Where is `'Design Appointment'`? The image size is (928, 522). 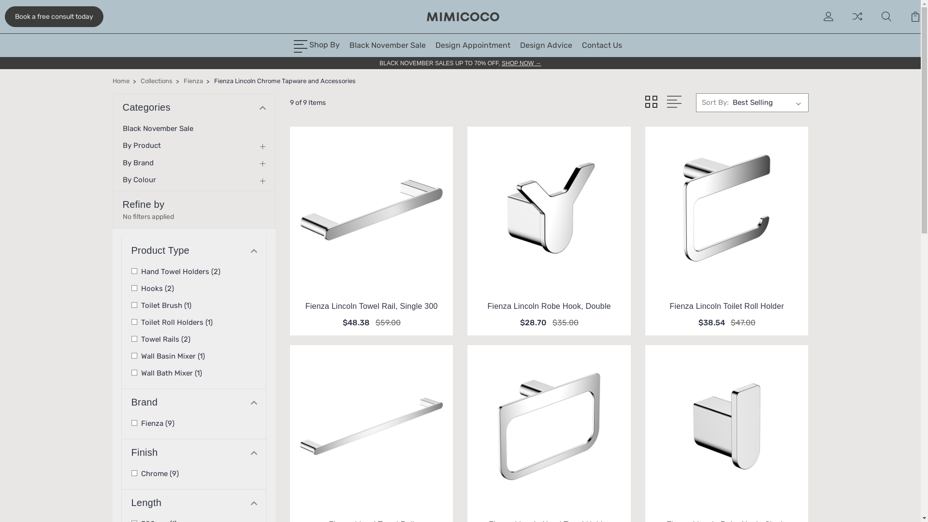 'Design Appointment' is located at coordinates (473, 45).